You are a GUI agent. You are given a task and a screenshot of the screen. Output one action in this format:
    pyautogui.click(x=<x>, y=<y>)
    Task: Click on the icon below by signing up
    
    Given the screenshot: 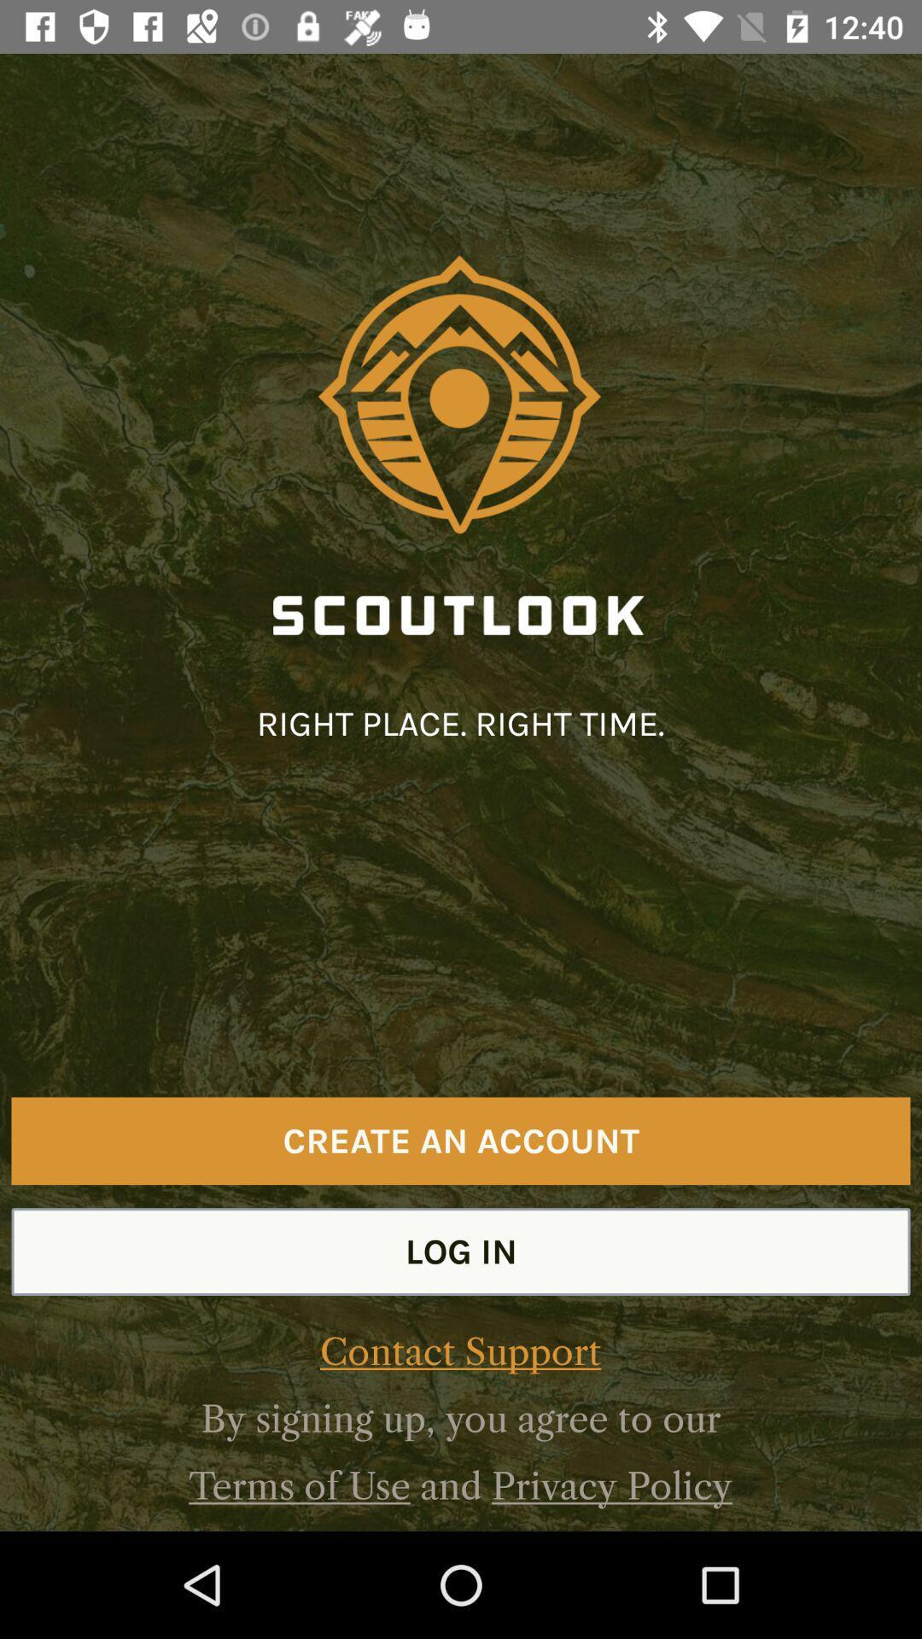 What is the action you would take?
    pyautogui.click(x=611, y=1485)
    